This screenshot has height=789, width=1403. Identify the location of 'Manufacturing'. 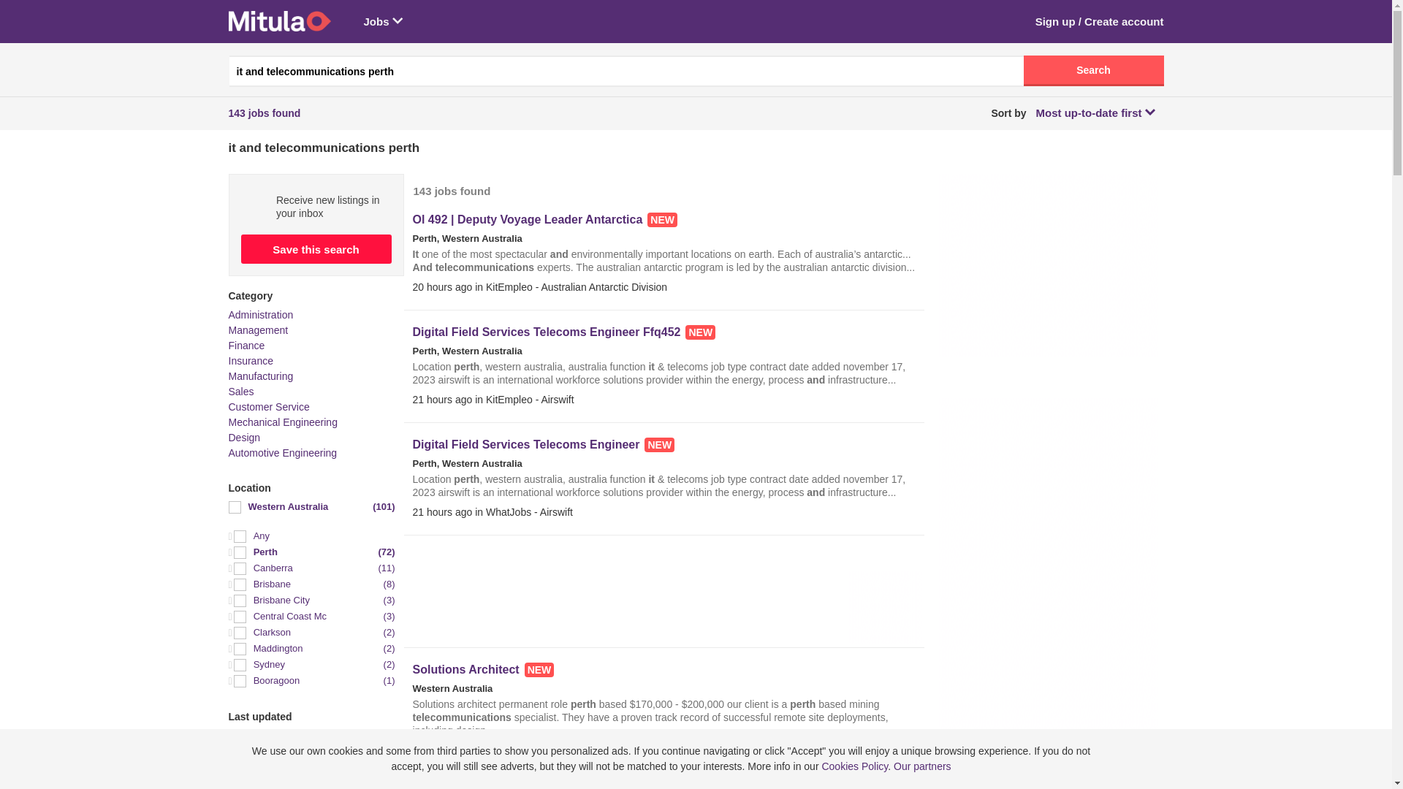
(260, 376).